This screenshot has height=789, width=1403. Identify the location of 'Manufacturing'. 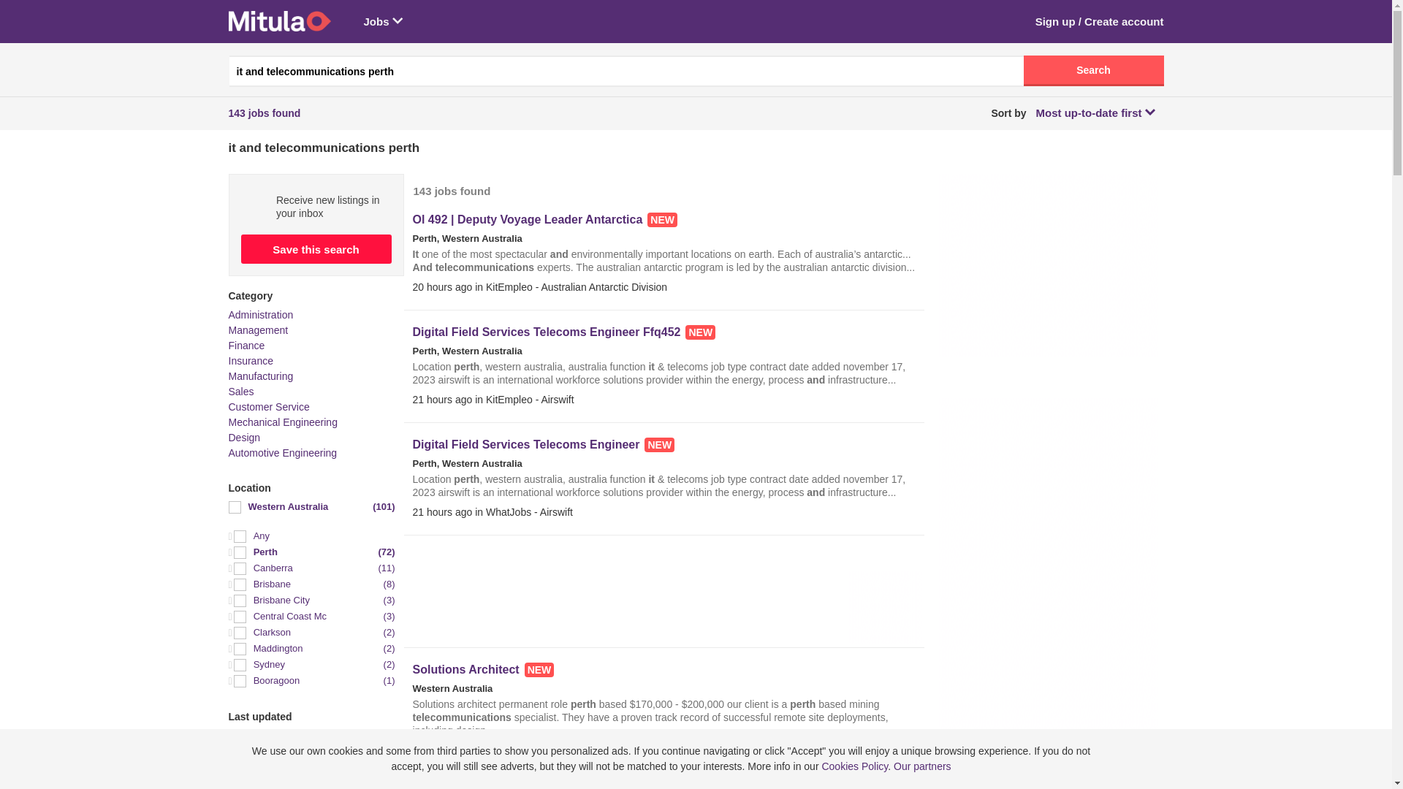
(260, 376).